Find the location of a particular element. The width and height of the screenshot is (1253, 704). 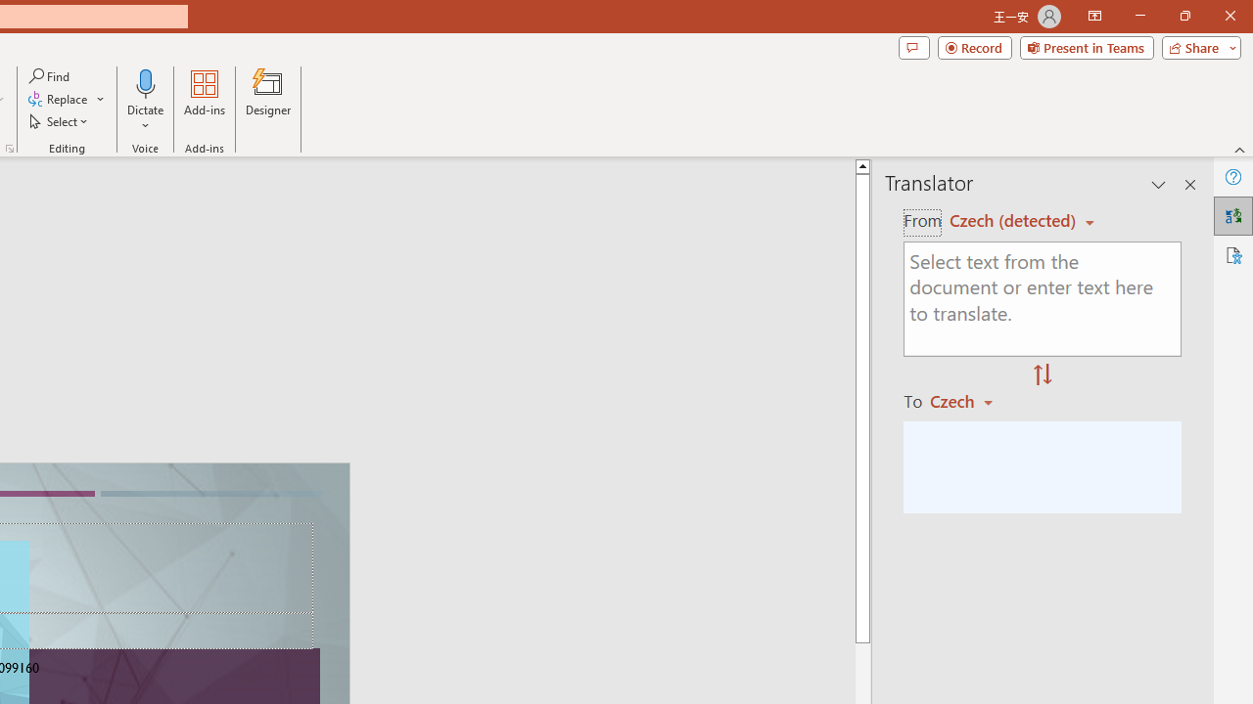

'Czech' is located at coordinates (970, 400).